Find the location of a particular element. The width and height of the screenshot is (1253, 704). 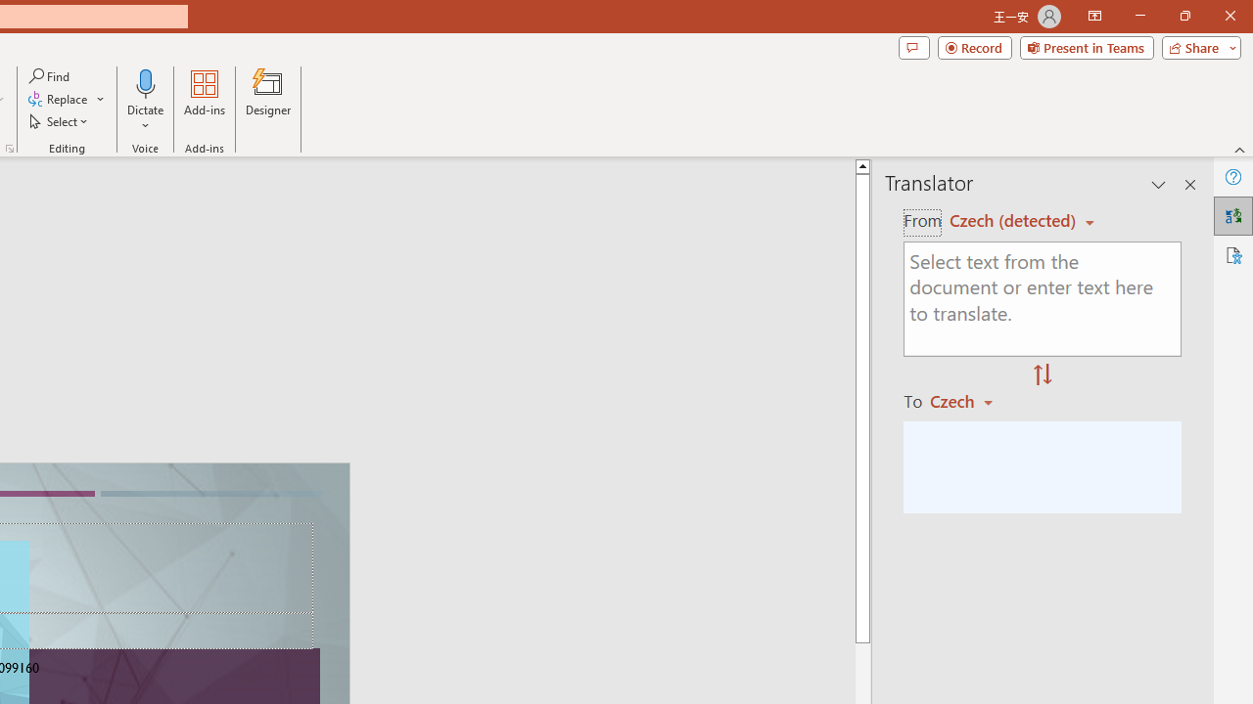

'Czech' is located at coordinates (970, 400).